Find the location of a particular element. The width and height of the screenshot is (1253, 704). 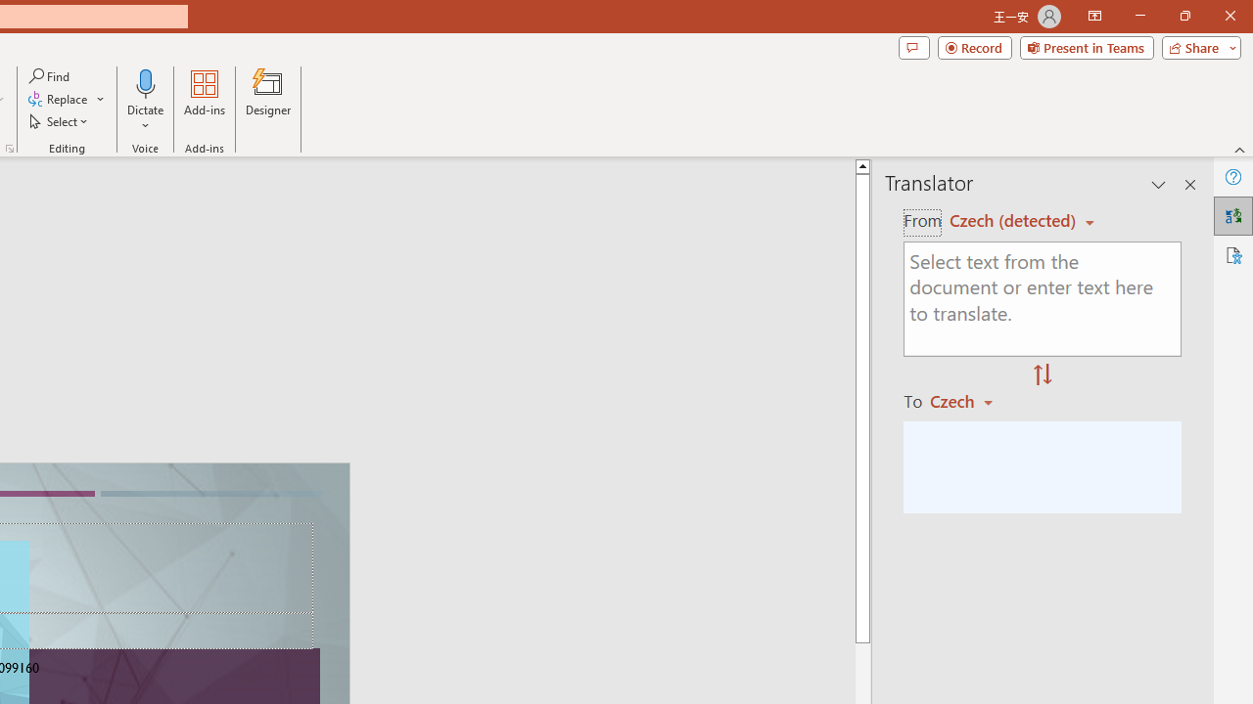

'Czech' is located at coordinates (970, 400).